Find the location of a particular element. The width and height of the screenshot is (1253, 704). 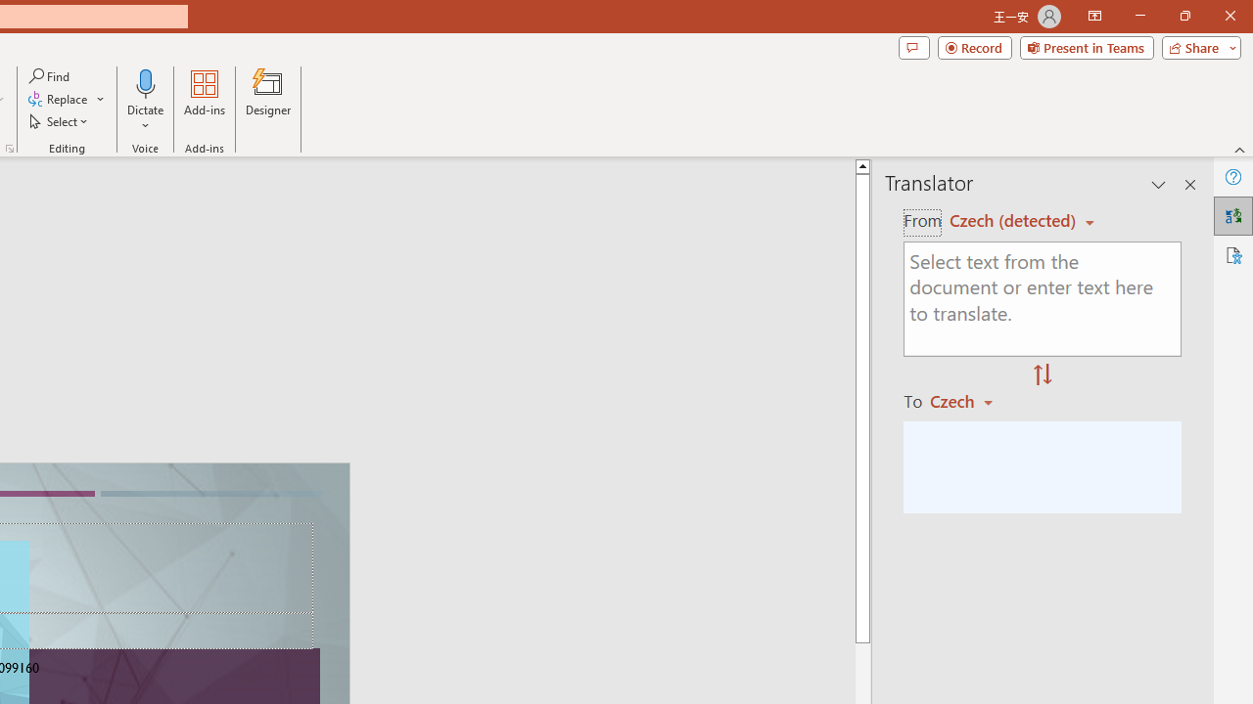

'Czech' is located at coordinates (970, 400).